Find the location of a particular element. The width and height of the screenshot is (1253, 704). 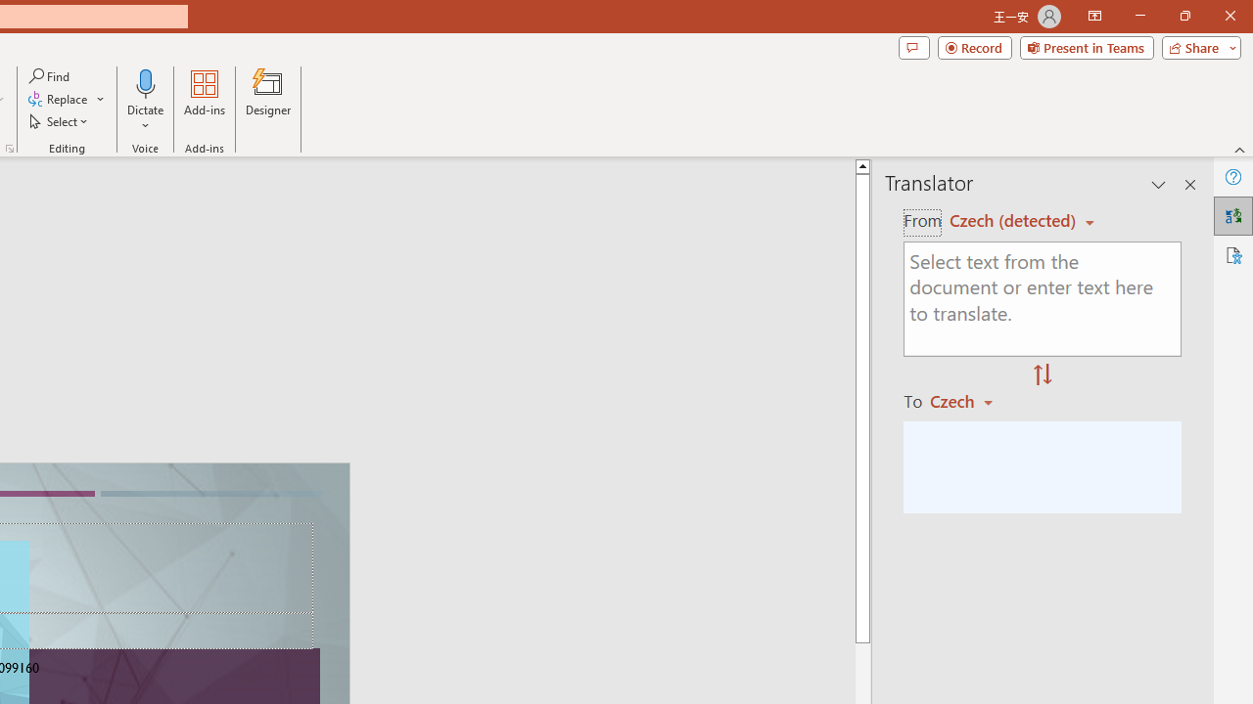

'Czech' is located at coordinates (970, 400).